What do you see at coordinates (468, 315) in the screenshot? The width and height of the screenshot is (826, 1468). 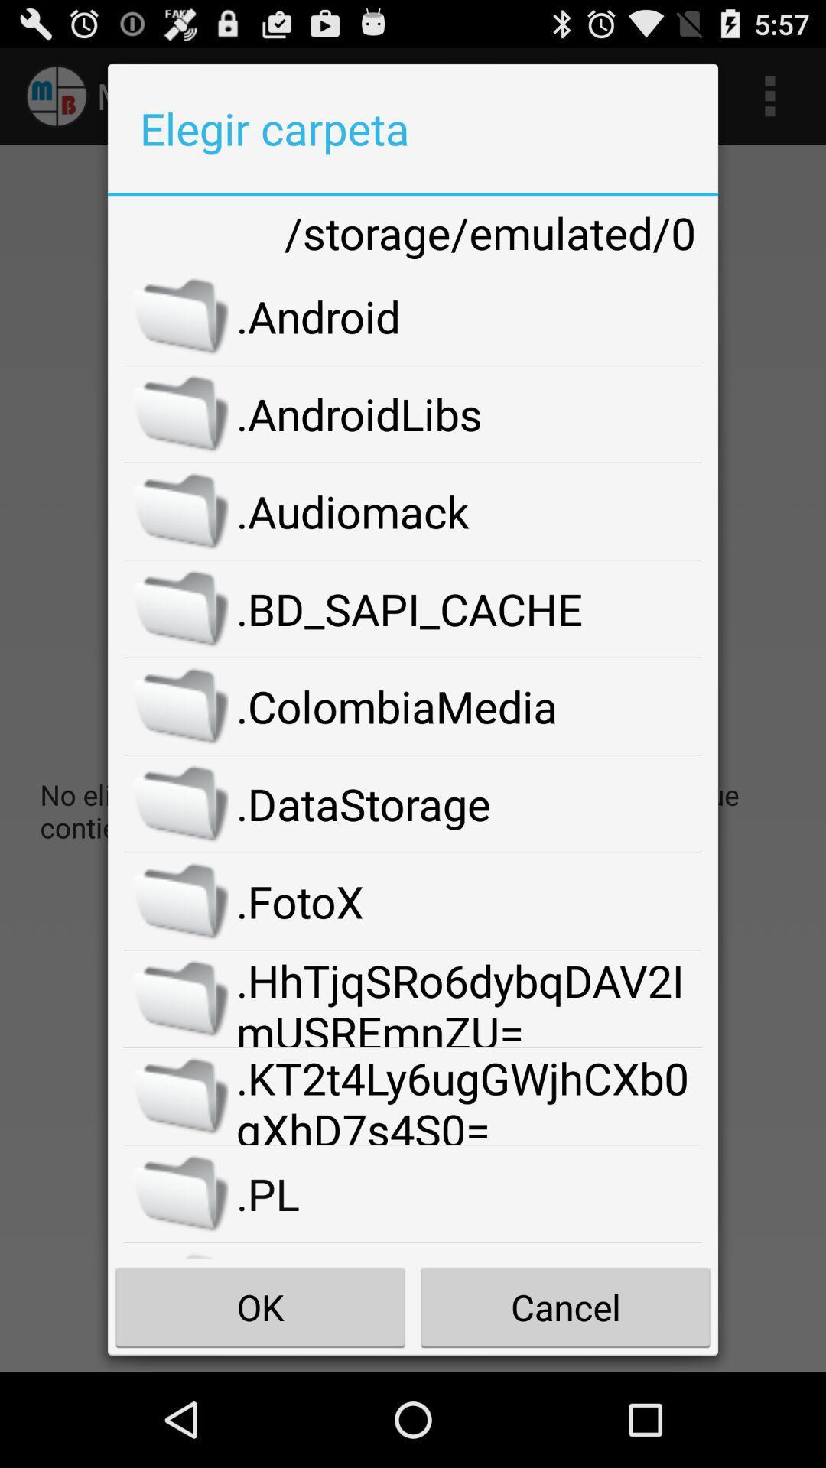 I see `the .android item` at bounding box center [468, 315].